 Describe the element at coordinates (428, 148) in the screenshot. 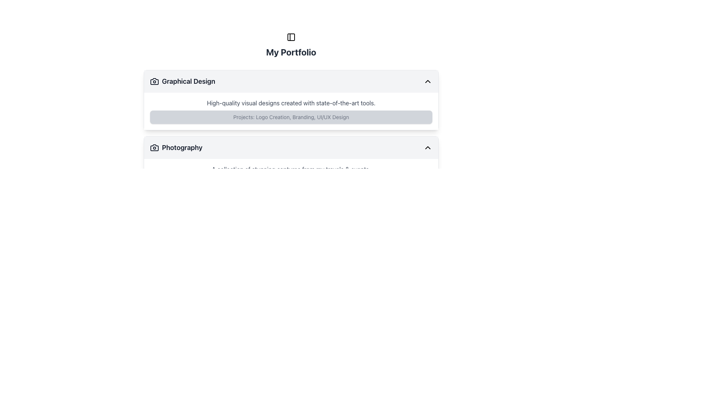

I see `the toggle icon located at the far-right of the 'Photography' section` at that location.